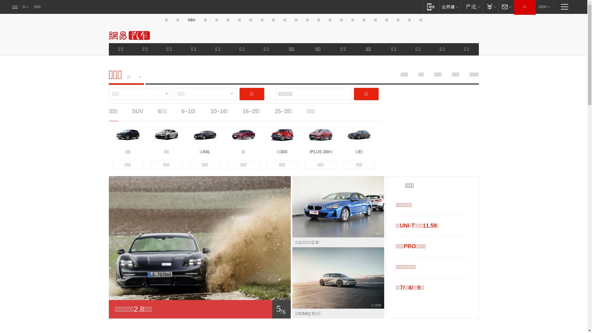 This screenshot has width=592, height=333. Describe the element at coordinates (186, 20) in the screenshot. I see `'NBA'` at that location.